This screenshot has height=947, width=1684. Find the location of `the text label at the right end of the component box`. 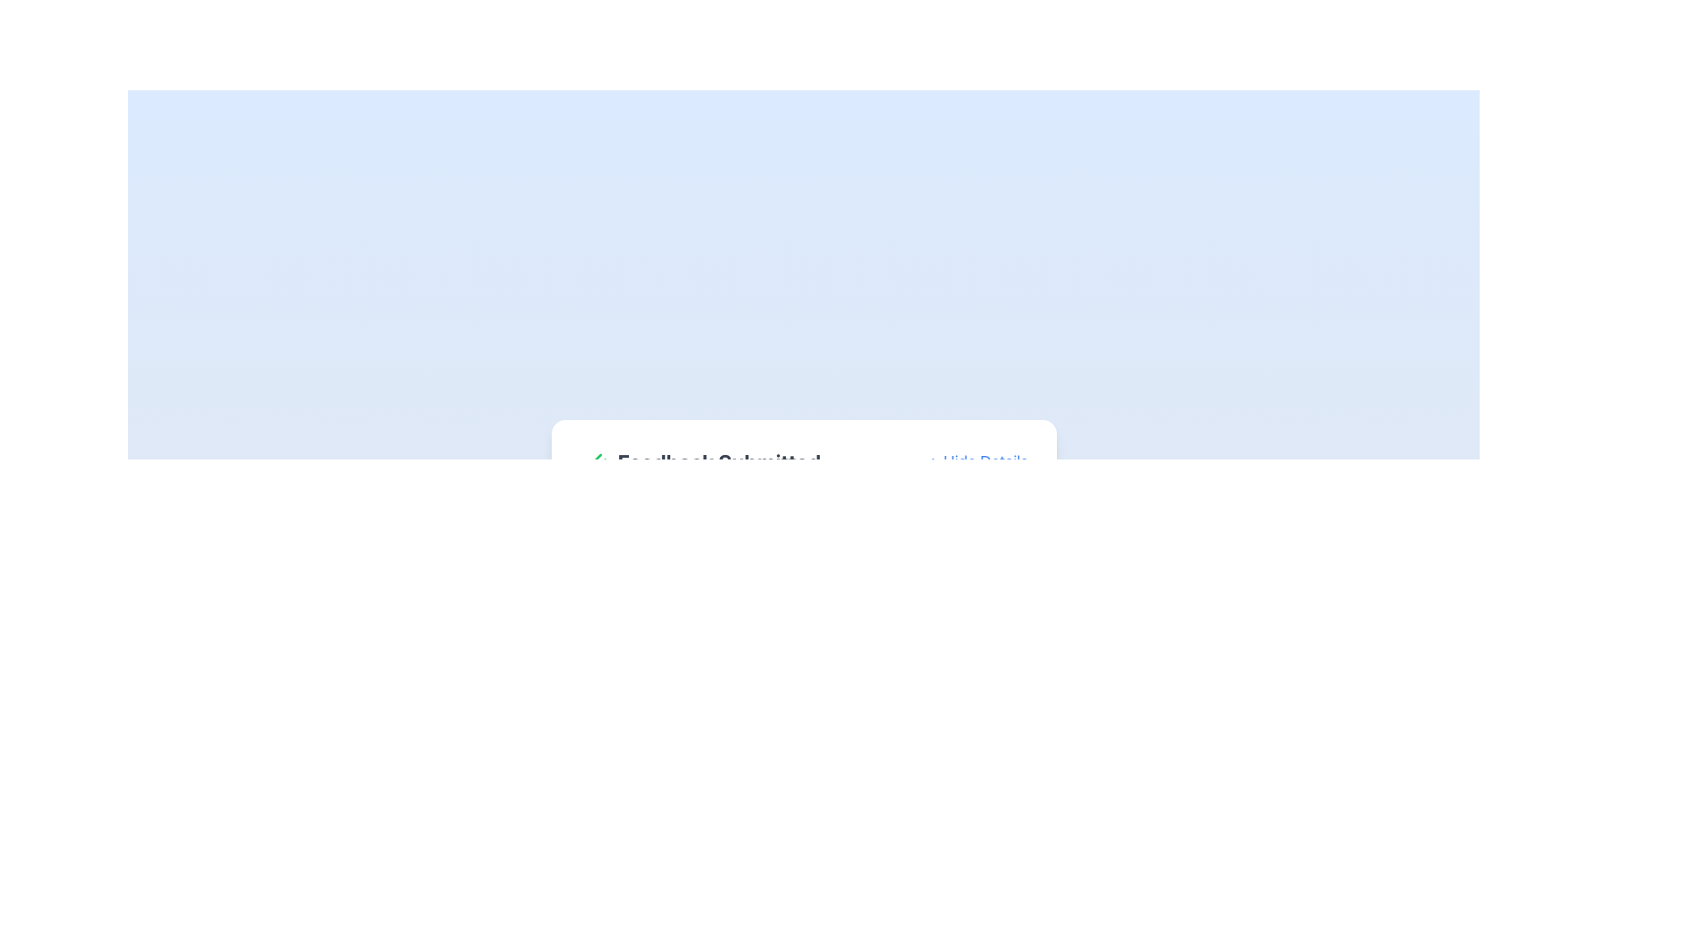

the text label at the right end of the component box is located at coordinates (986, 460).